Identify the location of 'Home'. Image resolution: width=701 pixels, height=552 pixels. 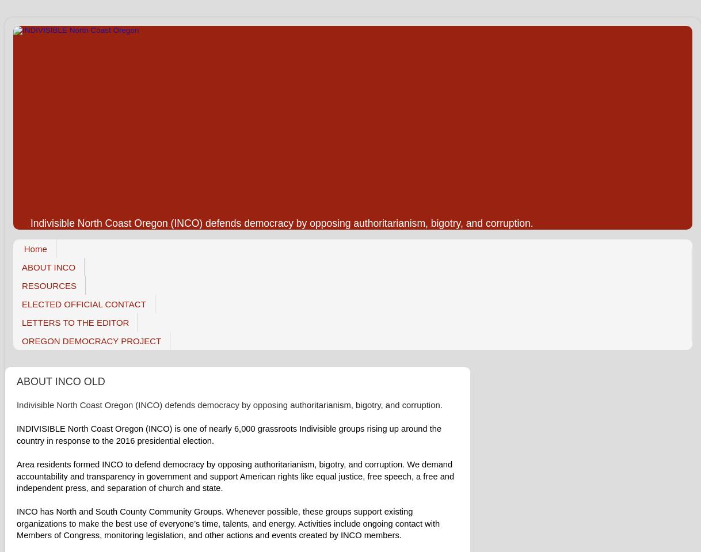
(35, 248).